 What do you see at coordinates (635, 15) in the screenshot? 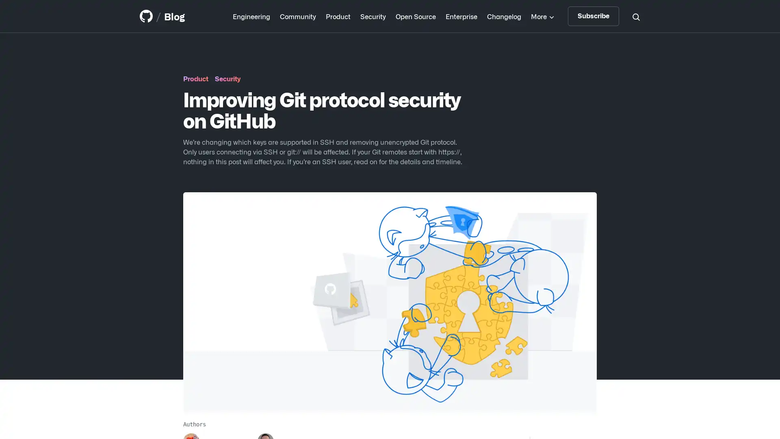
I see `Search toggle` at bounding box center [635, 15].